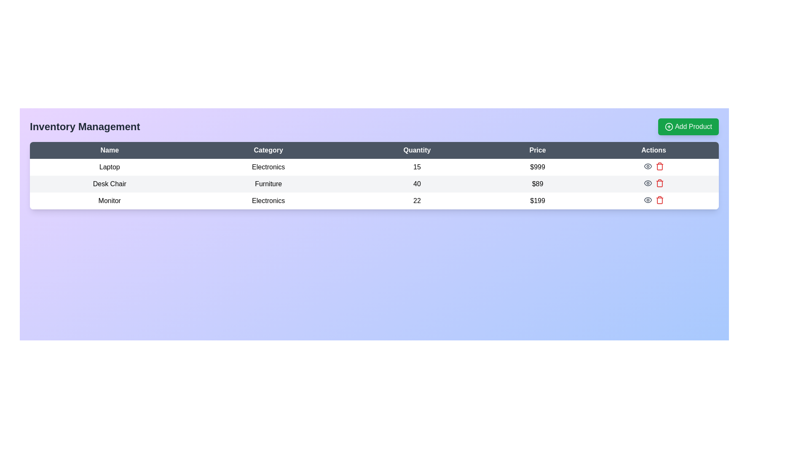 The height and width of the screenshot is (455, 809). What do you see at coordinates (659, 166) in the screenshot?
I see `the delete button located in the 'Actions' column of the first row of the table` at bounding box center [659, 166].